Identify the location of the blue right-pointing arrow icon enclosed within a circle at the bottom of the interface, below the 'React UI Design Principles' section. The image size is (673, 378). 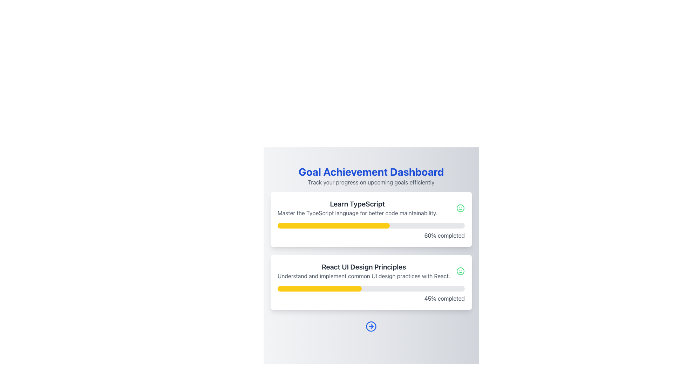
(371, 327).